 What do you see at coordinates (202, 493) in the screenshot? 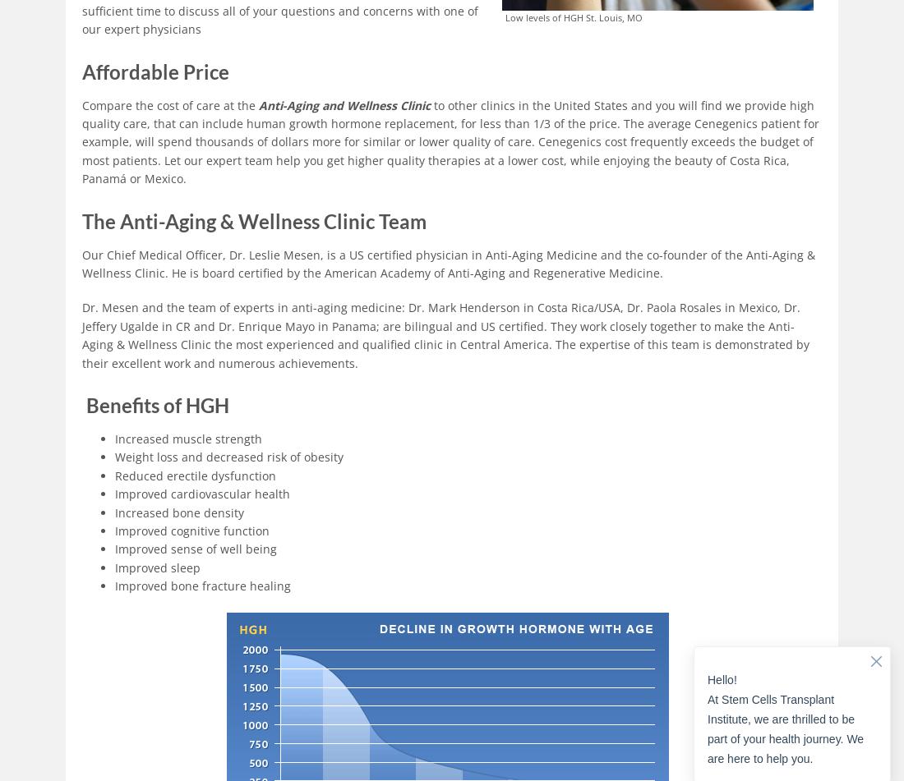
I see `'Improved cardiovascular health'` at bounding box center [202, 493].